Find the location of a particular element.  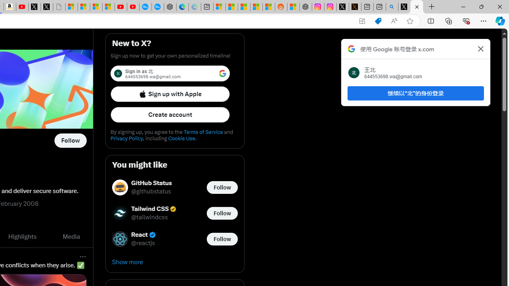

'github - Search' is located at coordinates (392, 7).